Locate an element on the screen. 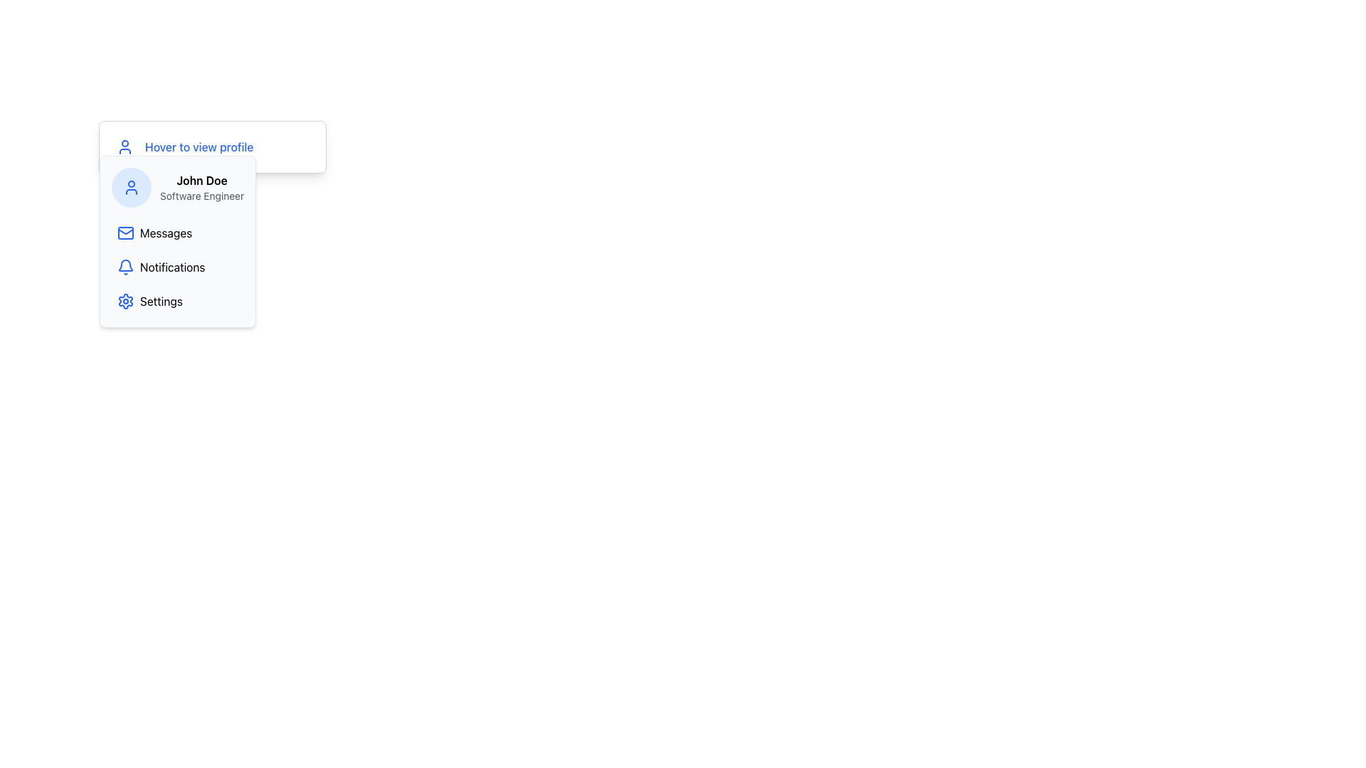 This screenshot has height=768, width=1366. the informative text label displayed next to the user icon in the upper-left part of the interface is located at coordinates (198, 147).